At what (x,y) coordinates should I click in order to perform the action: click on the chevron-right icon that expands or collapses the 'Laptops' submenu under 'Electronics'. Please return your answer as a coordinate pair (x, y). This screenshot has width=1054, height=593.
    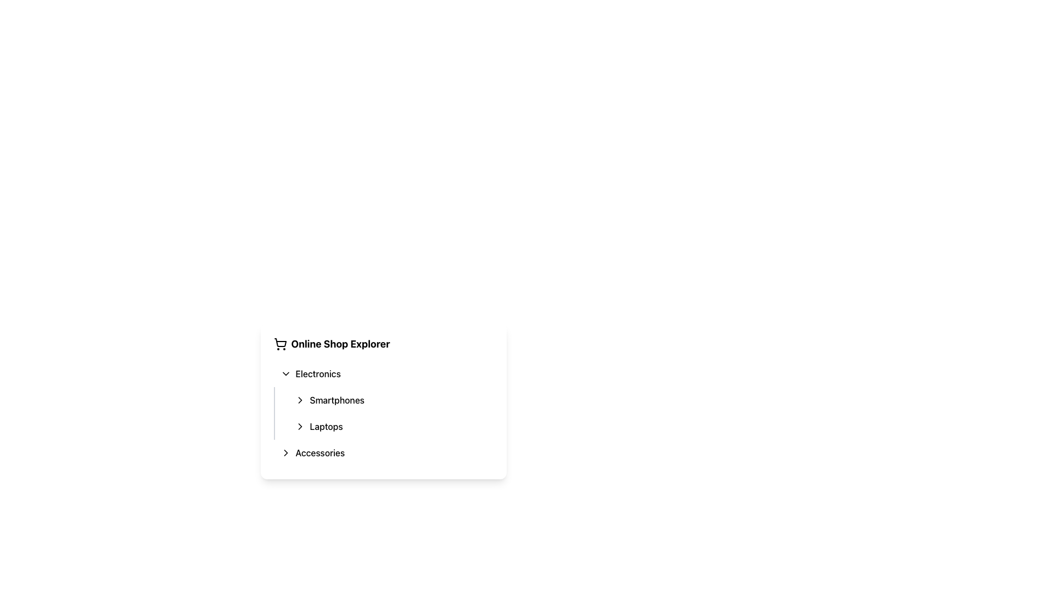
    Looking at the image, I should click on (300, 426).